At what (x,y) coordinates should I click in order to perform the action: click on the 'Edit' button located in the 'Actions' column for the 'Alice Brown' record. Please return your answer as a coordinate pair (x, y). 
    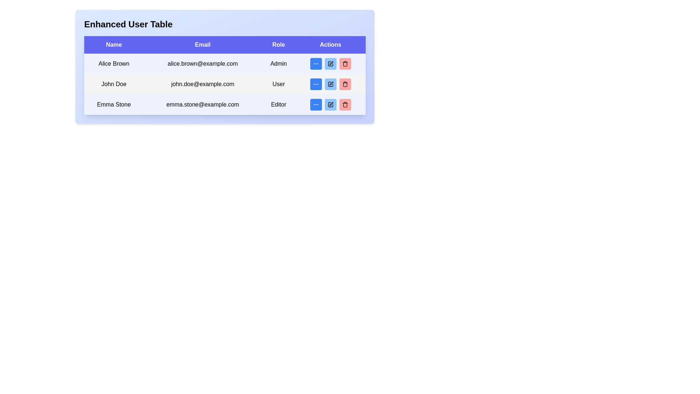
    Looking at the image, I should click on (330, 63).